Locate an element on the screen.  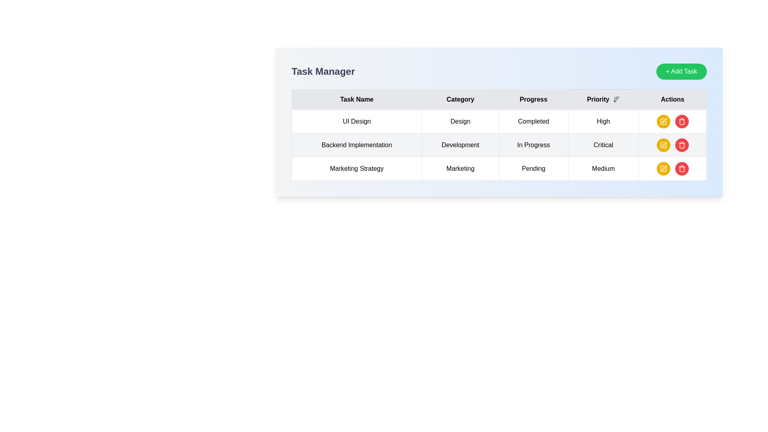
the red circular button with a white trash icon located in the 'Actions' column of the second row corresponding to the task 'Backend Implementation' to observe the hover effect is located at coordinates (681, 145).